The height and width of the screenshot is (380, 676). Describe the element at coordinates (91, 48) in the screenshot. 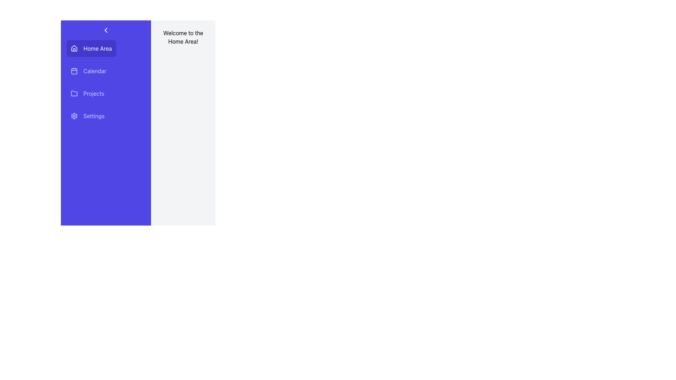

I see `the 'Home Area' button, which is a purple rectangular button with rounded corners, featuring a house icon on the left and white text on the right` at that location.